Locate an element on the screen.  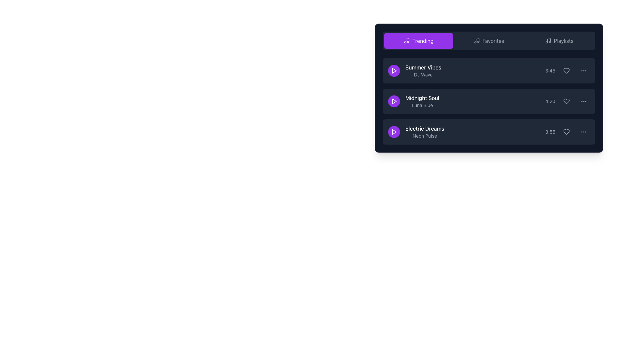
the 'Favorites' button, which features gray text on a dark background and includes a music note icon is located at coordinates (489, 41).